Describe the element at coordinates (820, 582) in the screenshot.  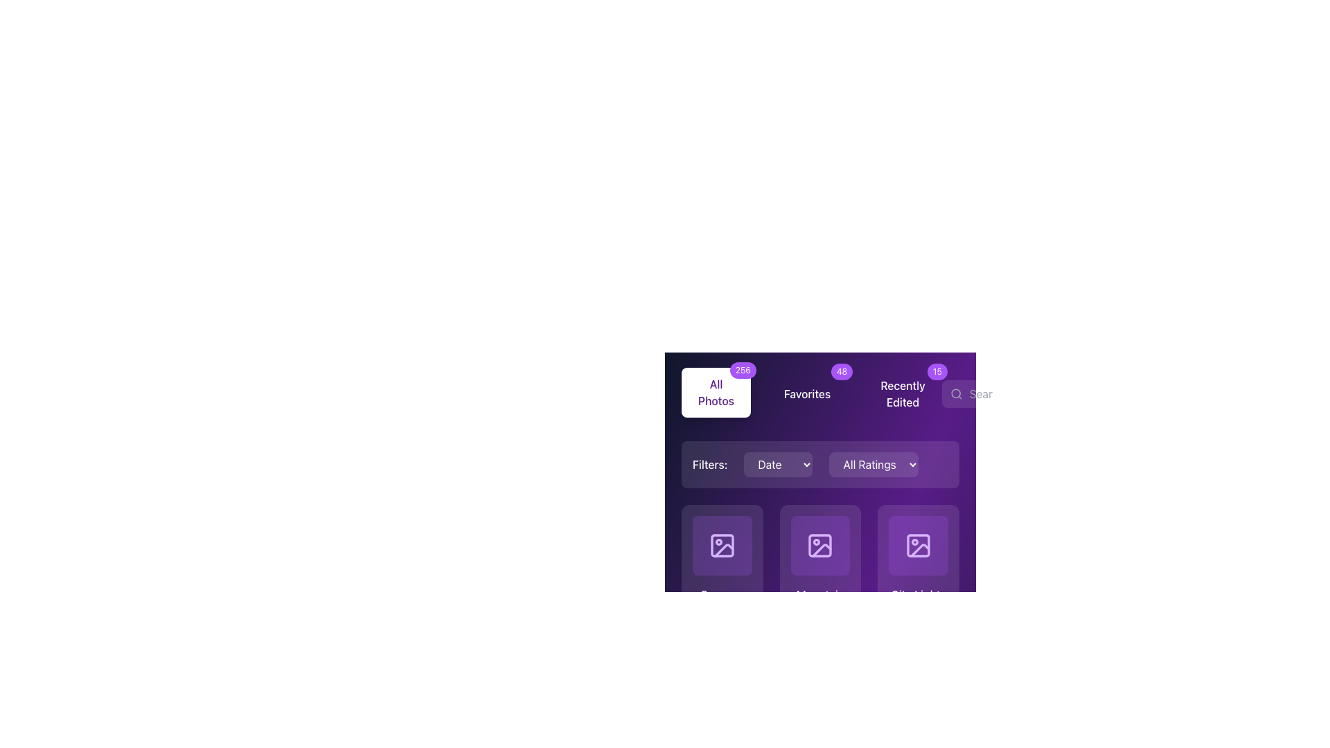
I see `the 'Mountain Trip' panel` at that location.